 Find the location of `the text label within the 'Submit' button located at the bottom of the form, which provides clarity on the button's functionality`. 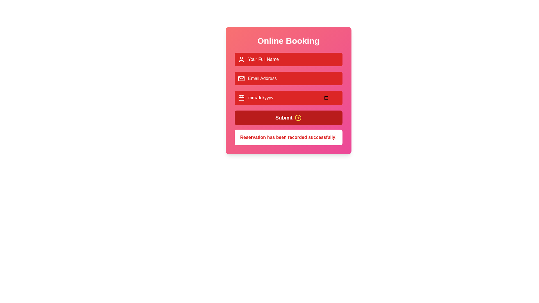

the text label within the 'Submit' button located at the bottom of the form, which provides clarity on the button's functionality is located at coordinates (284, 118).